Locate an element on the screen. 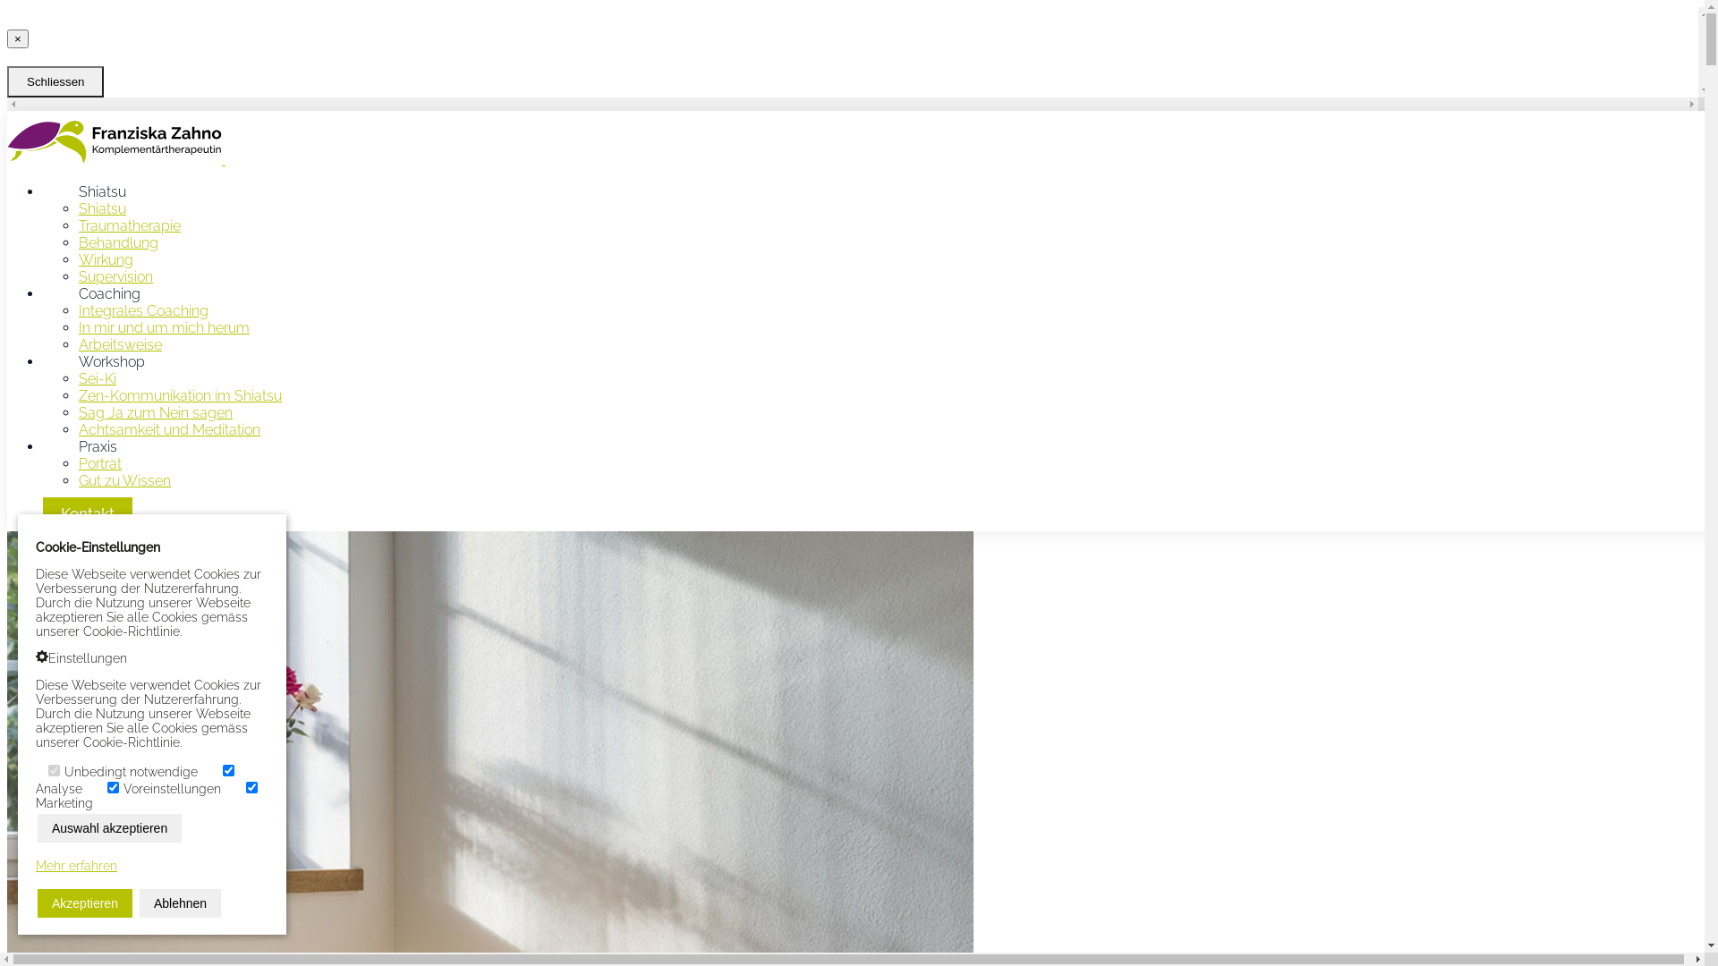 The width and height of the screenshot is (1718, 966). 'Sei-Ki' is located at coordinates (97, 377).